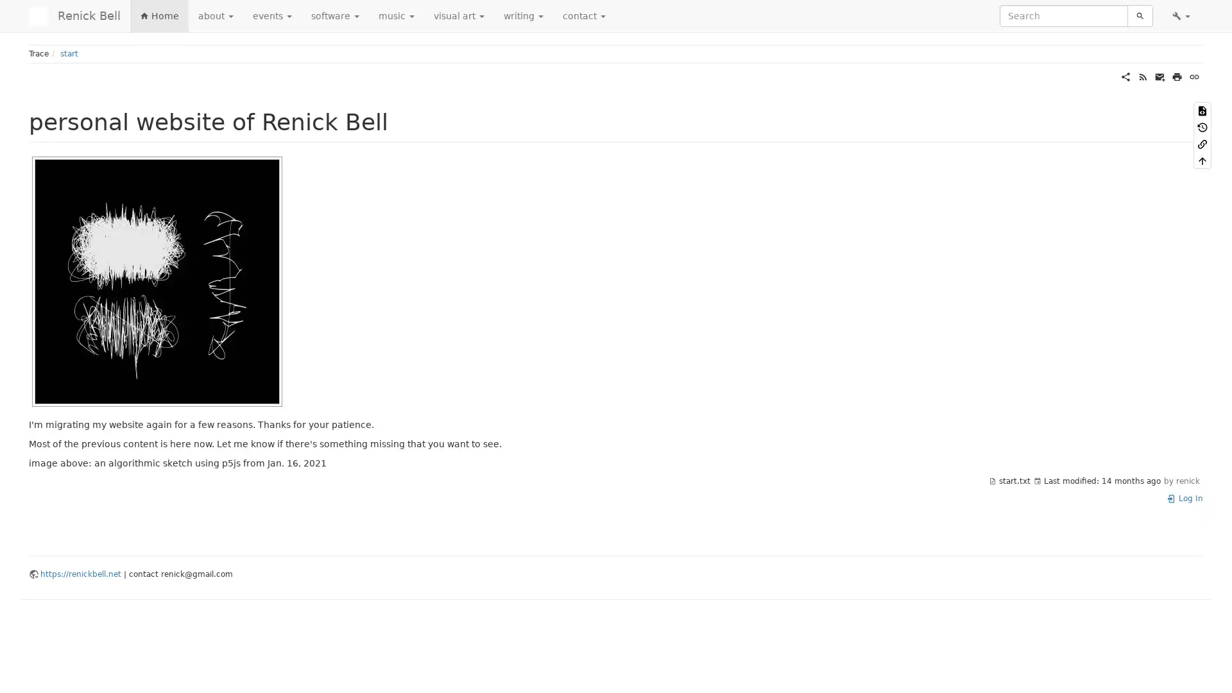 Image resolution: width=1232 pixels, height=693 pixels. What do you see at coordinates (1140, 15) in the screenshot?
I see `Search` at bounding box center [1140, 15].